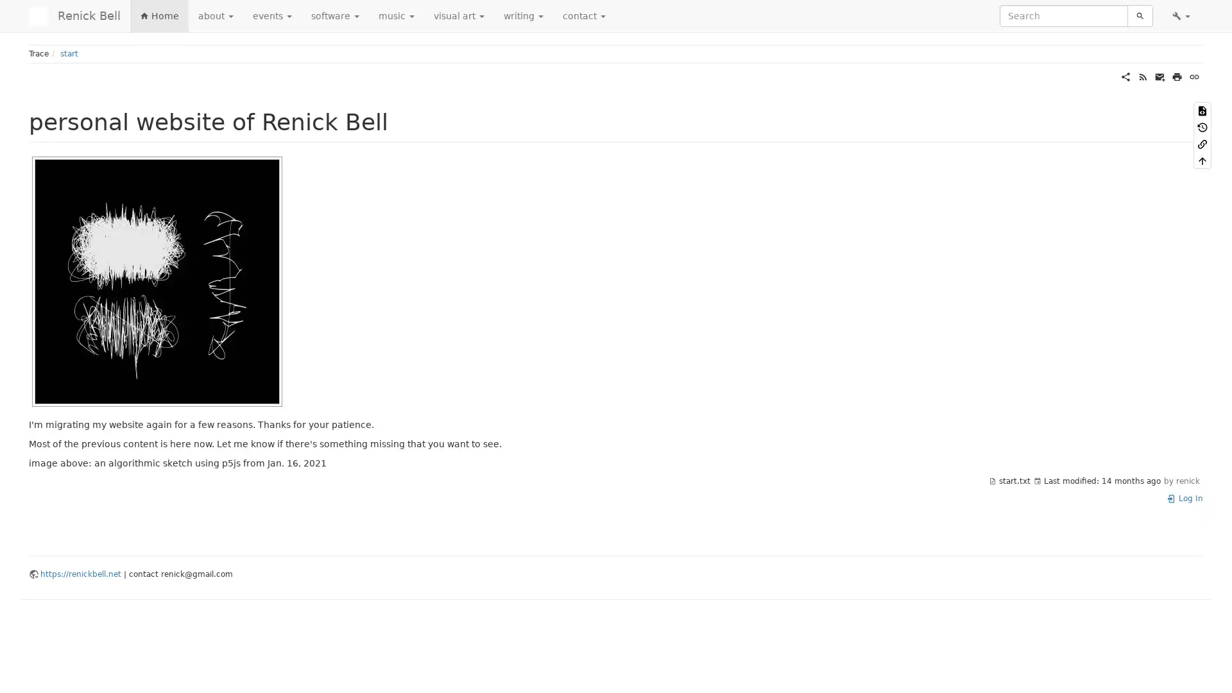 Image resolution: width=1232 pixels, height=693 pixels. What do you see at coordinates (1140, 15) in the screenshot?
I see `Search` at bounding box center [1140, 15].